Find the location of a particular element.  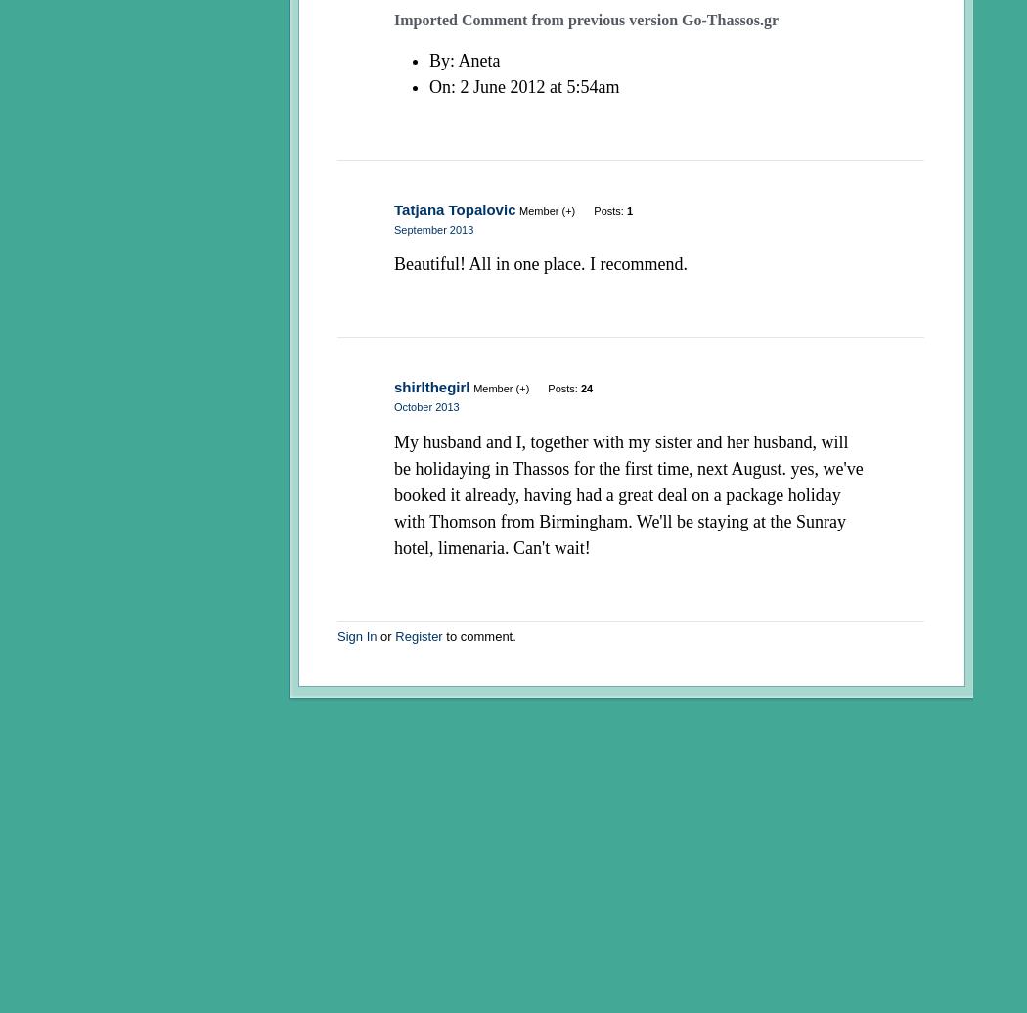

'By' is located at coordinates (428, 59).